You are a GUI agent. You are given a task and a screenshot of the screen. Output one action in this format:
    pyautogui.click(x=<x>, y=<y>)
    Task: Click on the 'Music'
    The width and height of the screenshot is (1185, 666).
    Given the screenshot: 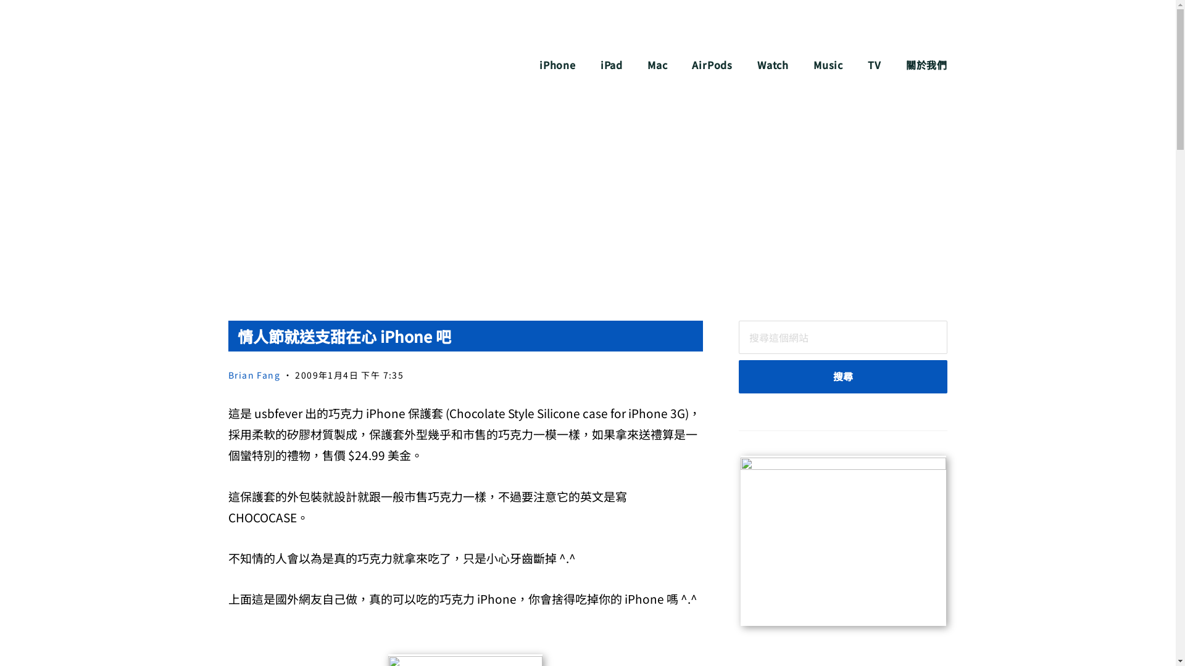 What is the action you would take?
    pyautogui.click(x=813, y=65)
    